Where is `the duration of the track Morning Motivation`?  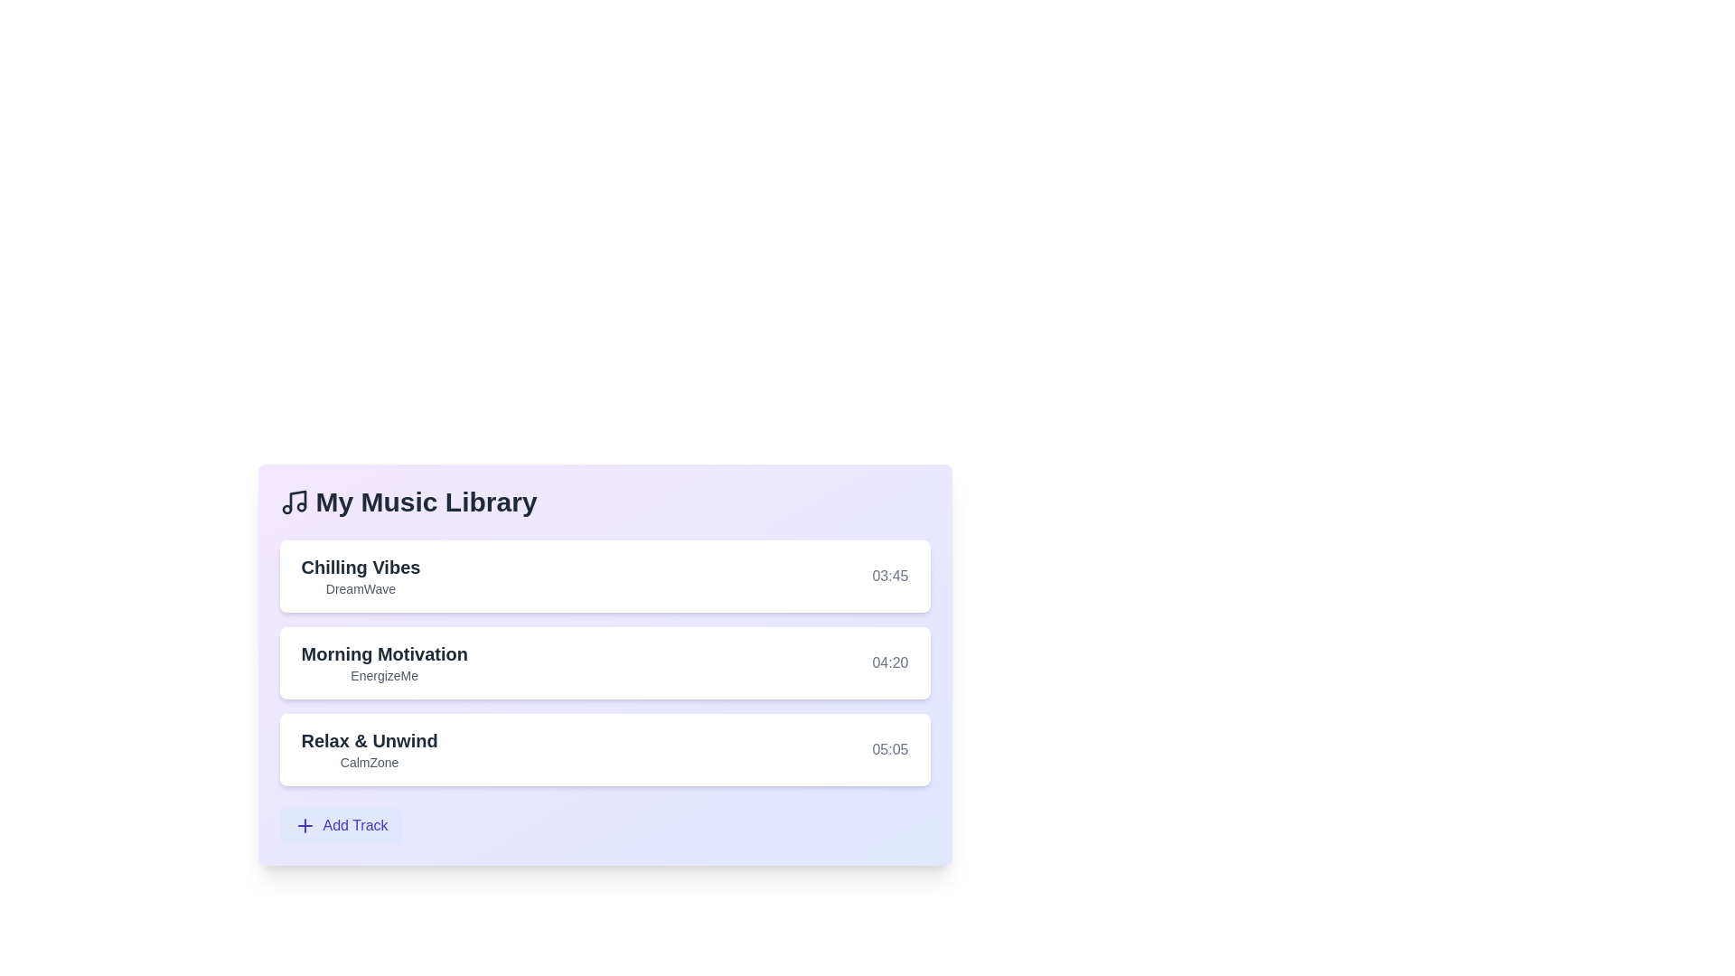
the duration of the track Morning Motivation is located at coordinates (889, 662).